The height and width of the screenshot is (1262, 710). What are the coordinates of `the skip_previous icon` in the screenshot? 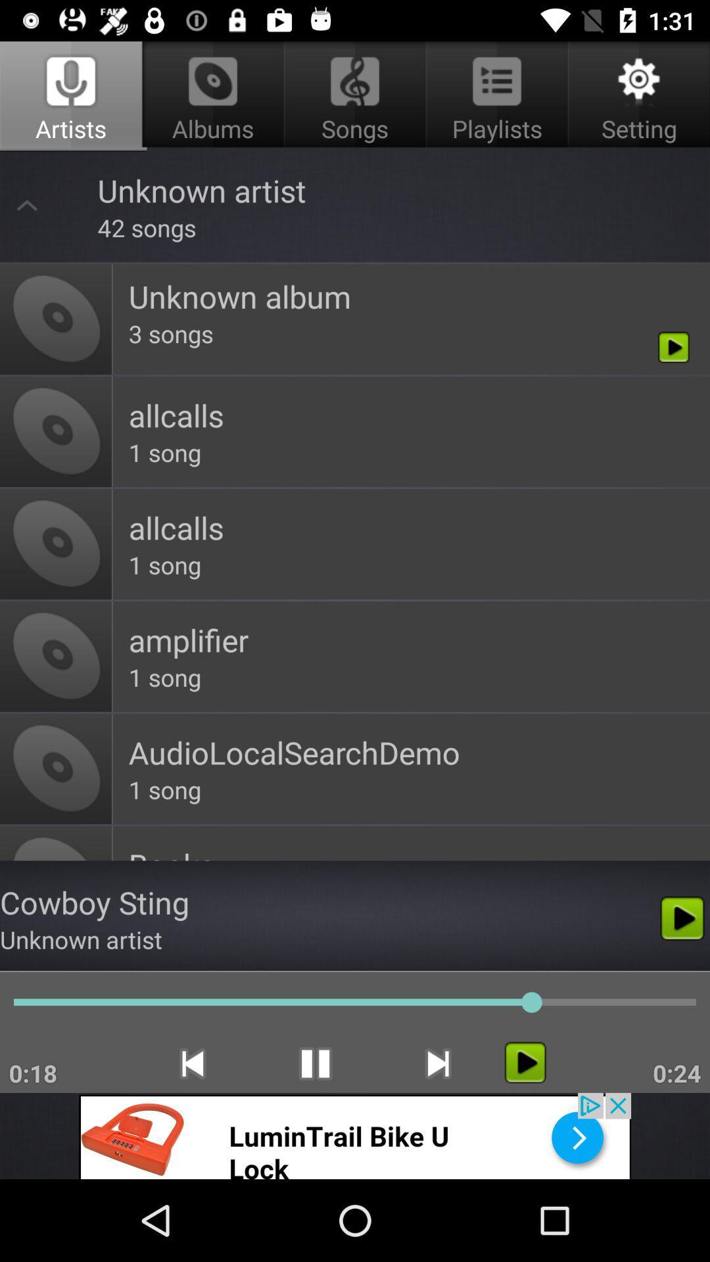 It's located at (192, 1063).